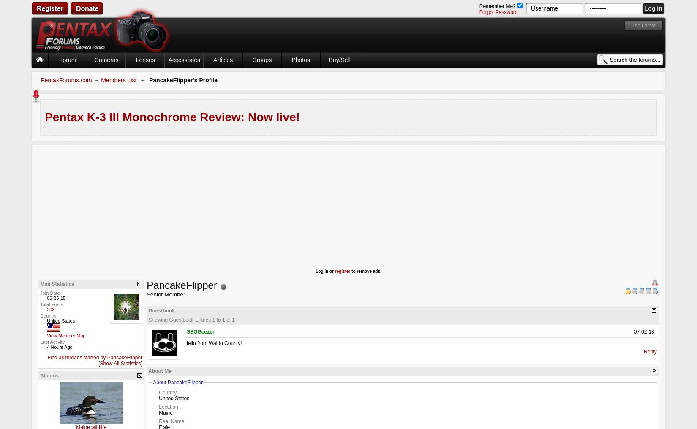 The width and height of the screenshot is (697, 429). Describe the element at coordinates (52, 341) in the screenshot. I see `'Last Activity'` at that location.